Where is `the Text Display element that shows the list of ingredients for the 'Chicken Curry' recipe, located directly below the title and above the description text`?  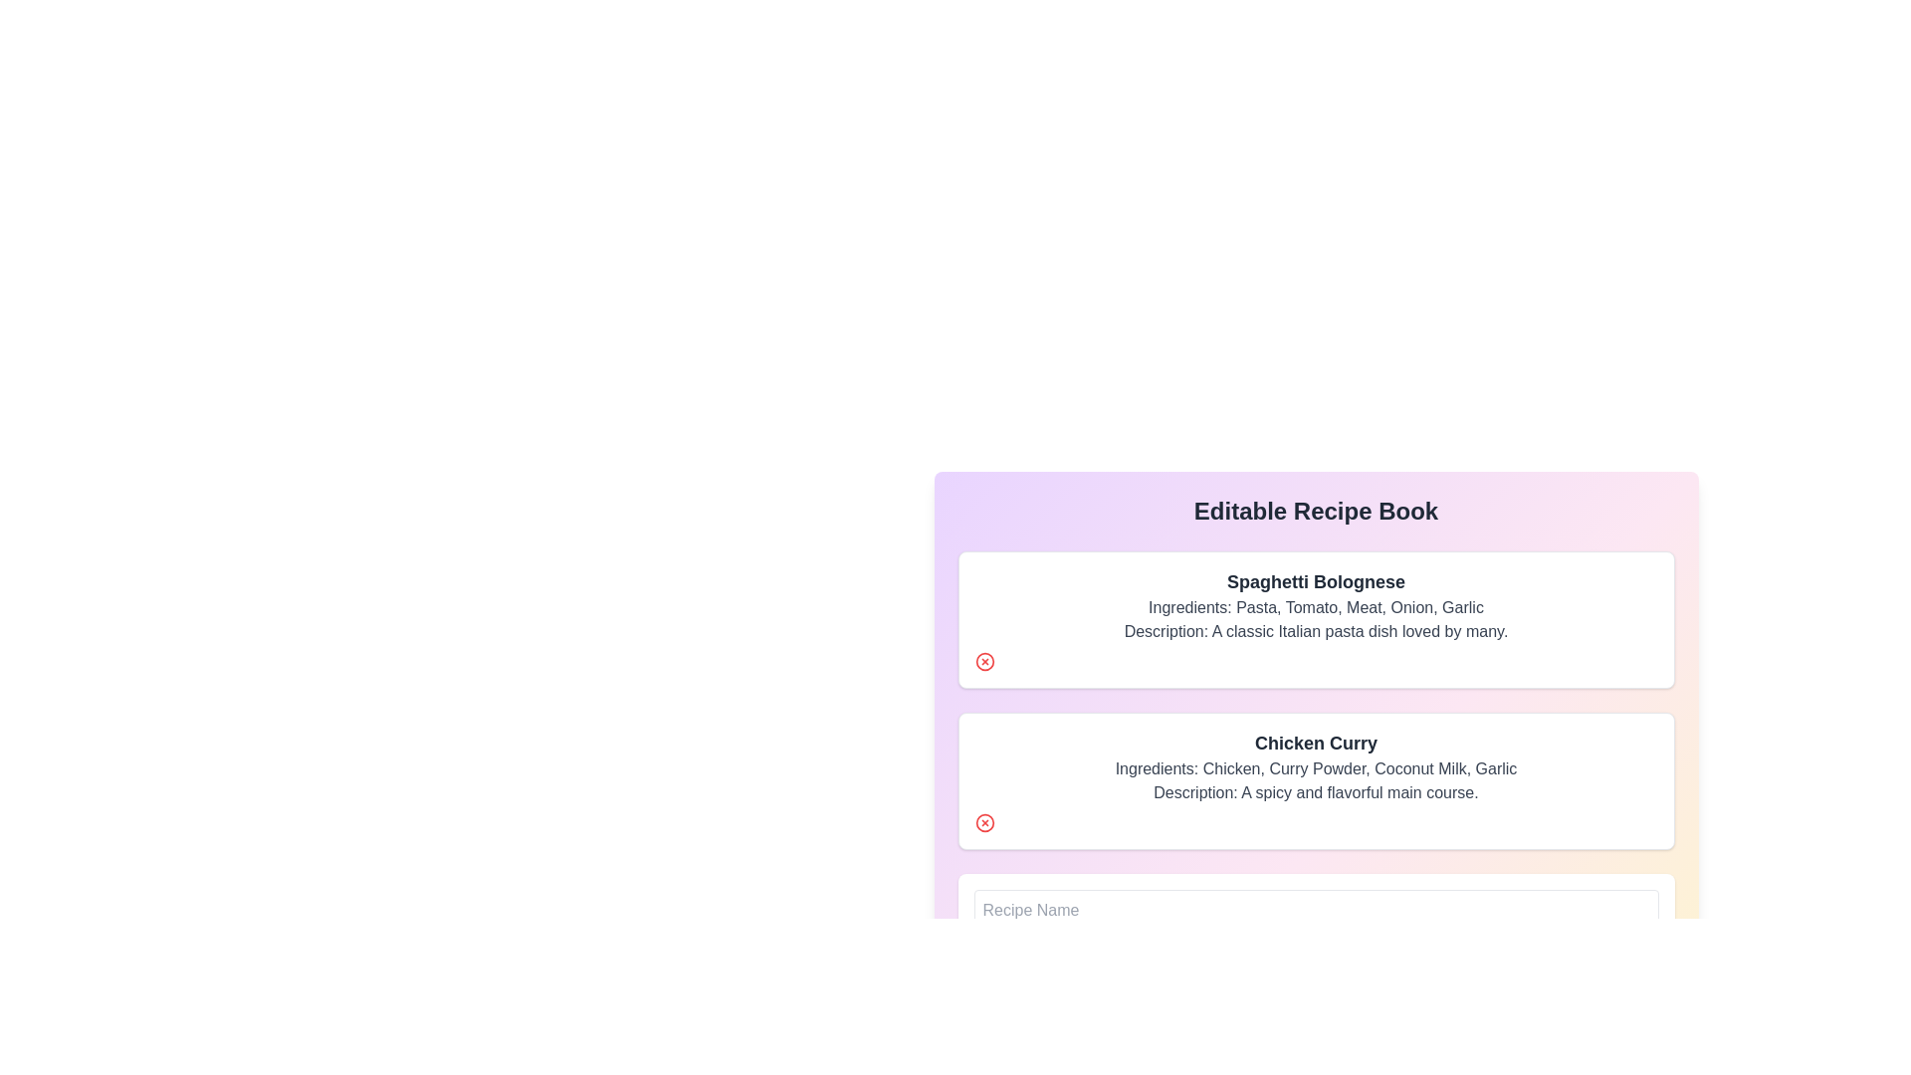 the Text Display element that shows the list of ingredients for the 'Chicken Curry' recipe, located directly below the title and above the description text is located at coordinates (1316, 767).